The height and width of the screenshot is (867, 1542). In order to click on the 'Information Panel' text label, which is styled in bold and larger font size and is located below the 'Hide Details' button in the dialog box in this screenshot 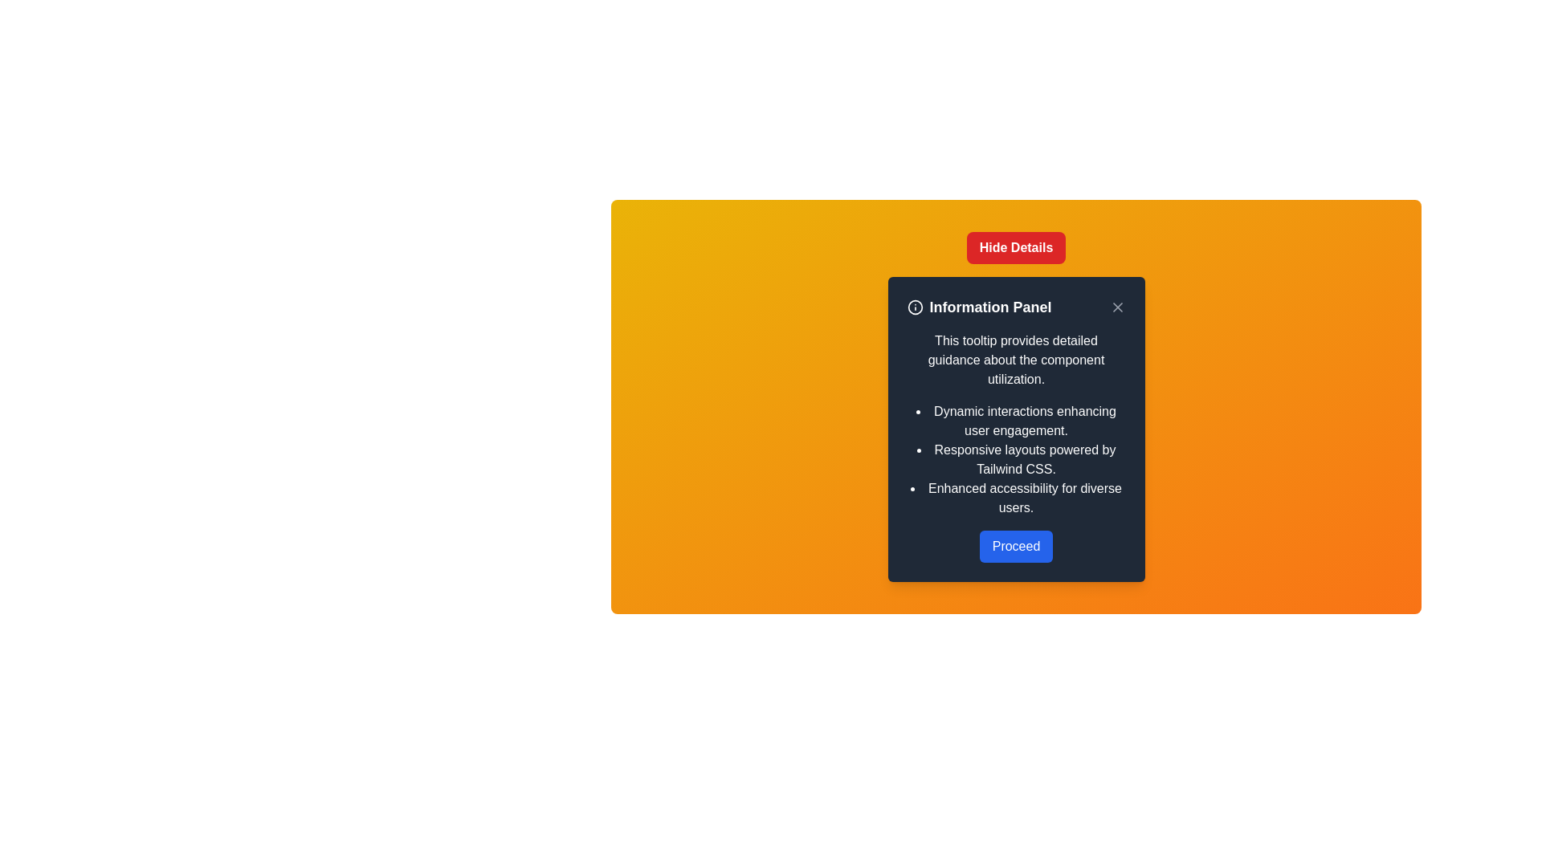, I will do `click(978, 307)`.